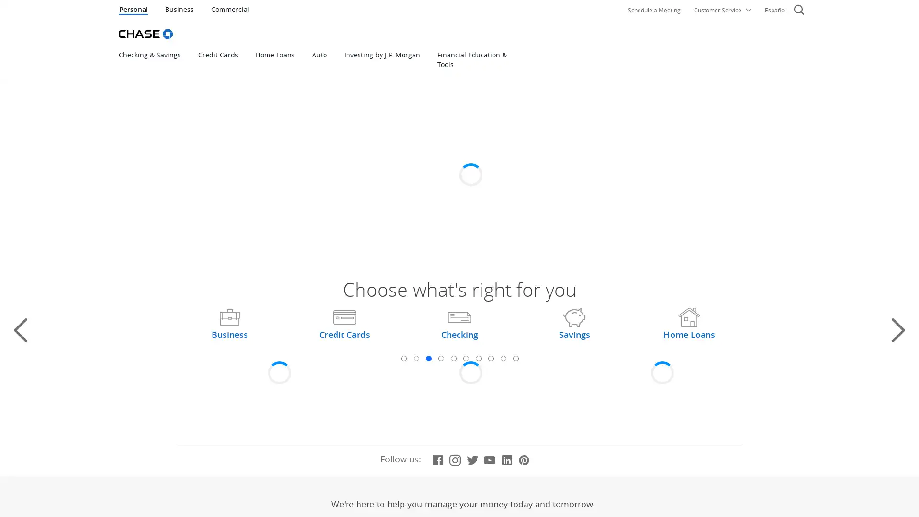 This screenshot has width=919, height=517. Describe the element at coordinates (427, 358) in the screenshot. I see `Slide 3 of 10, selected` at that location.